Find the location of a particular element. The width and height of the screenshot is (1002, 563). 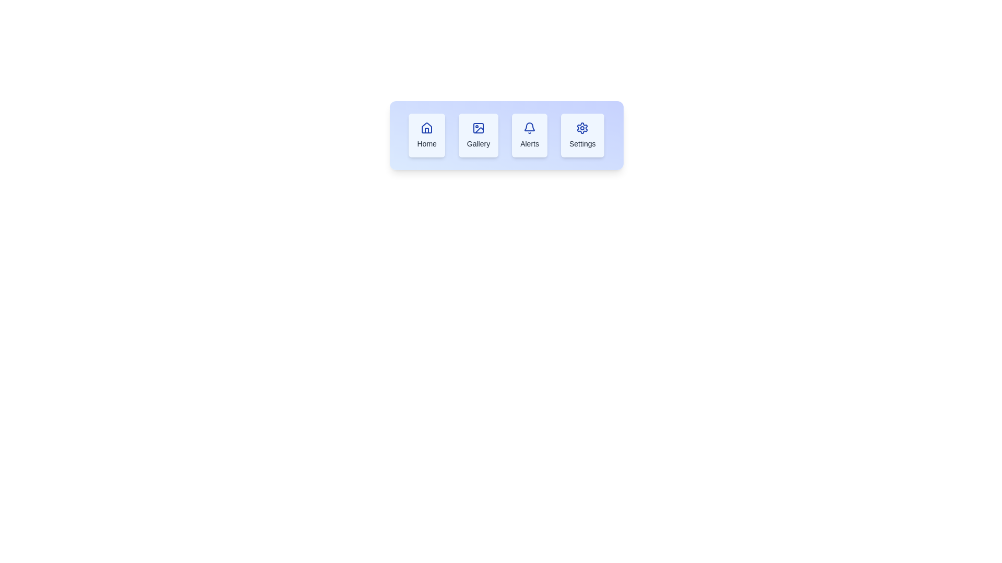

the 'Home' button icon, which is represented by the first icon in a group of four icons, to trigger the related action is located at coordinates (427, 130).